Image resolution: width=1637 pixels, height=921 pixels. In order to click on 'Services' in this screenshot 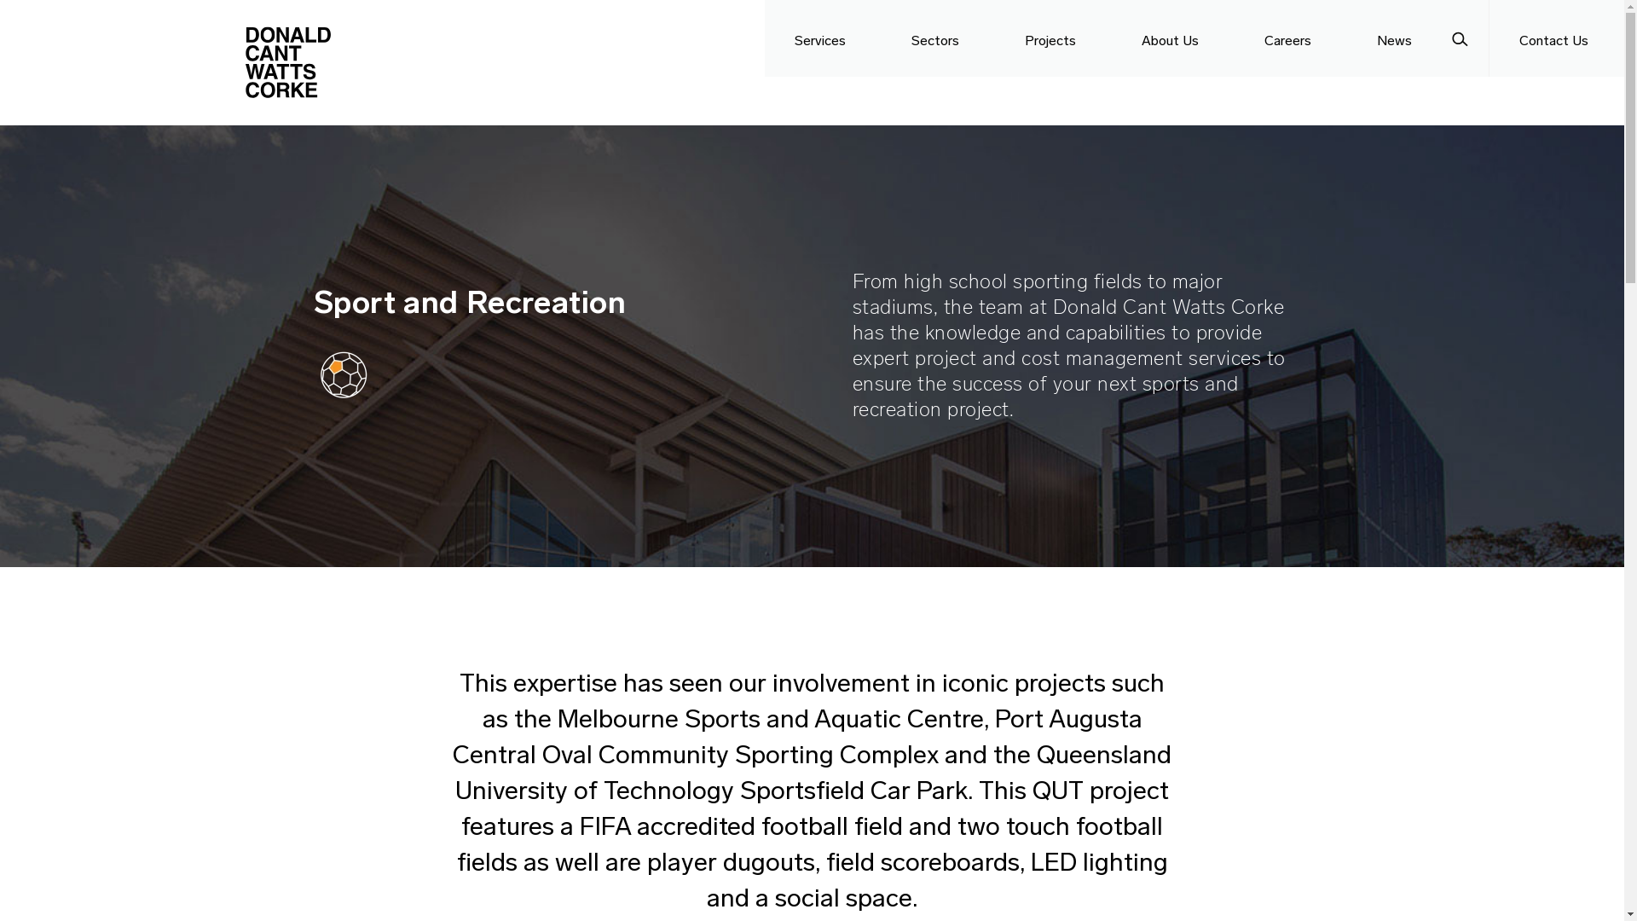, I will do `click(823, 38)`.